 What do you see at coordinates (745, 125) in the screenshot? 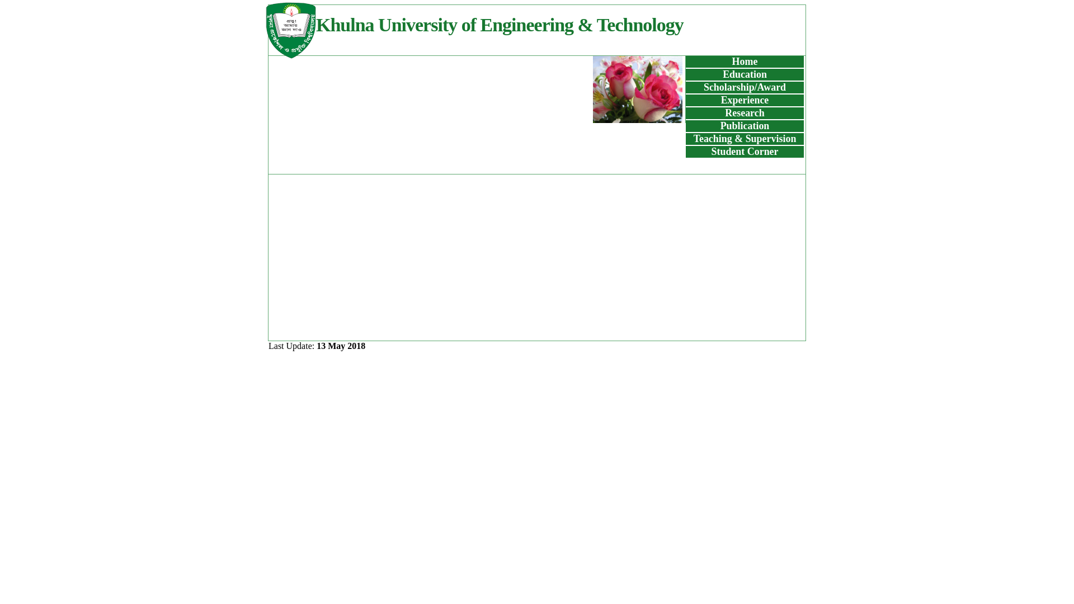
I see `'Publication'` at bounding box center [745, 125].